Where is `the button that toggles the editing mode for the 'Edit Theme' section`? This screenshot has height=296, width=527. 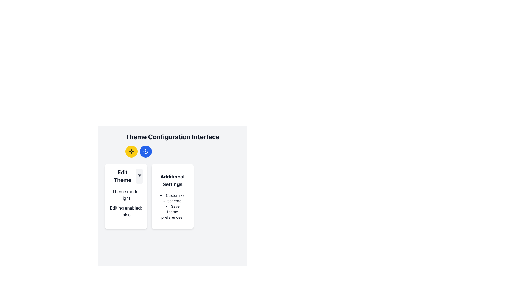 the button that toggles the editing mode for the 'Edit Theme' section is located at coordinates (139, 176).